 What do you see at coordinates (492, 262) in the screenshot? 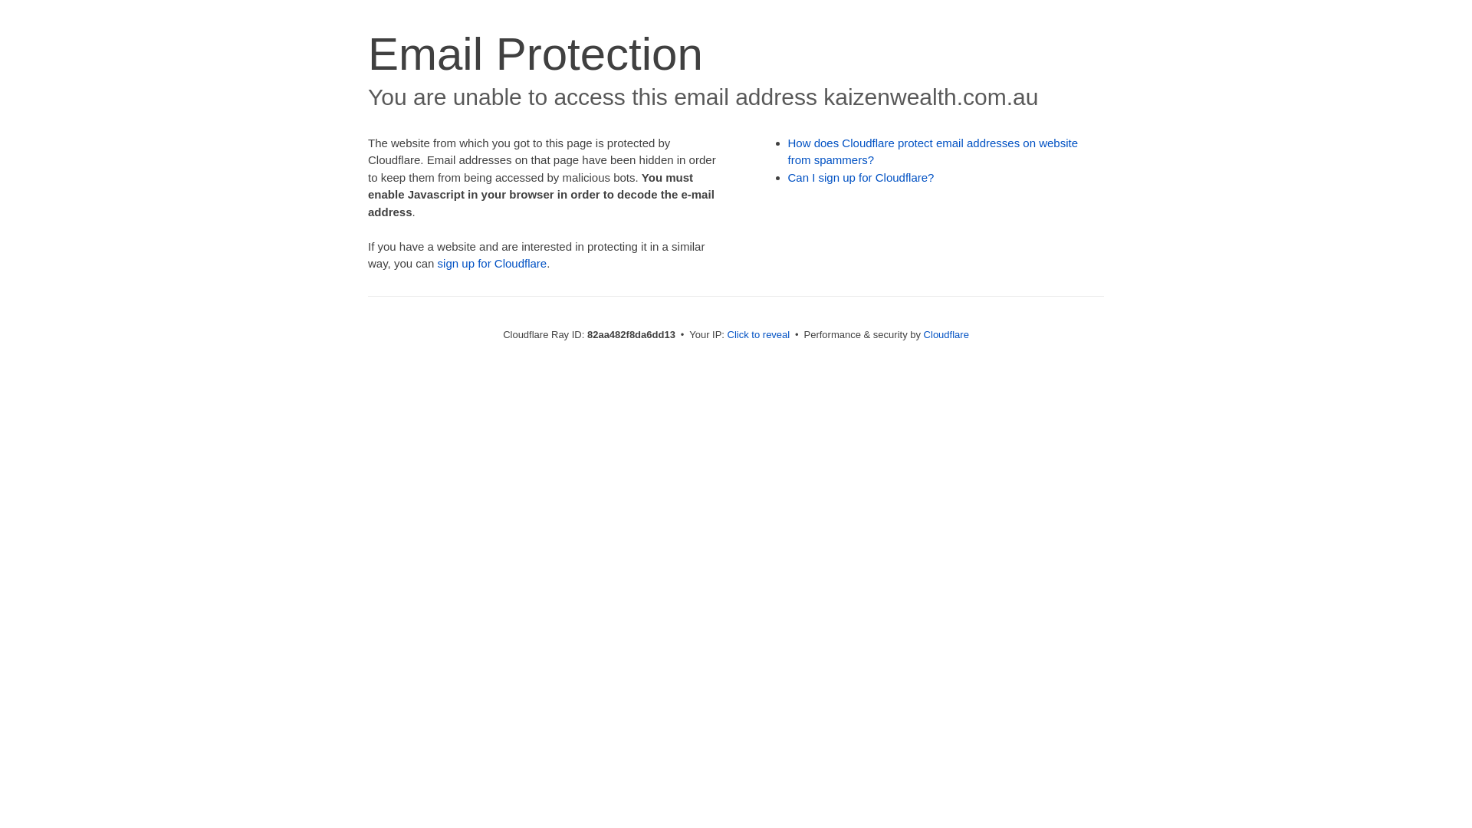
I see `'sign up for Cloudflare'` at bounding box center [492, 262].